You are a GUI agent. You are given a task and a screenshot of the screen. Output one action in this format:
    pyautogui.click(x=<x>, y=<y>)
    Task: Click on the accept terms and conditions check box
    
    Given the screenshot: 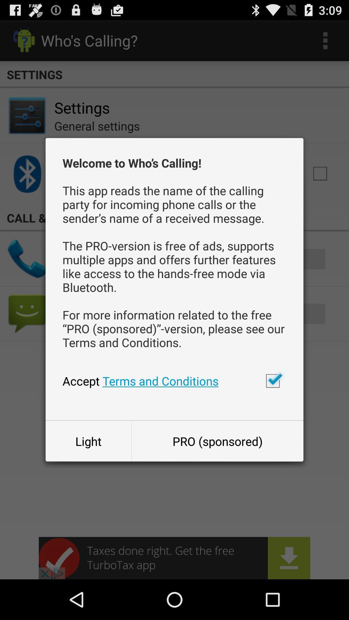 What is the action you would take?
    pyautogui.click(x=273, y=381)
    